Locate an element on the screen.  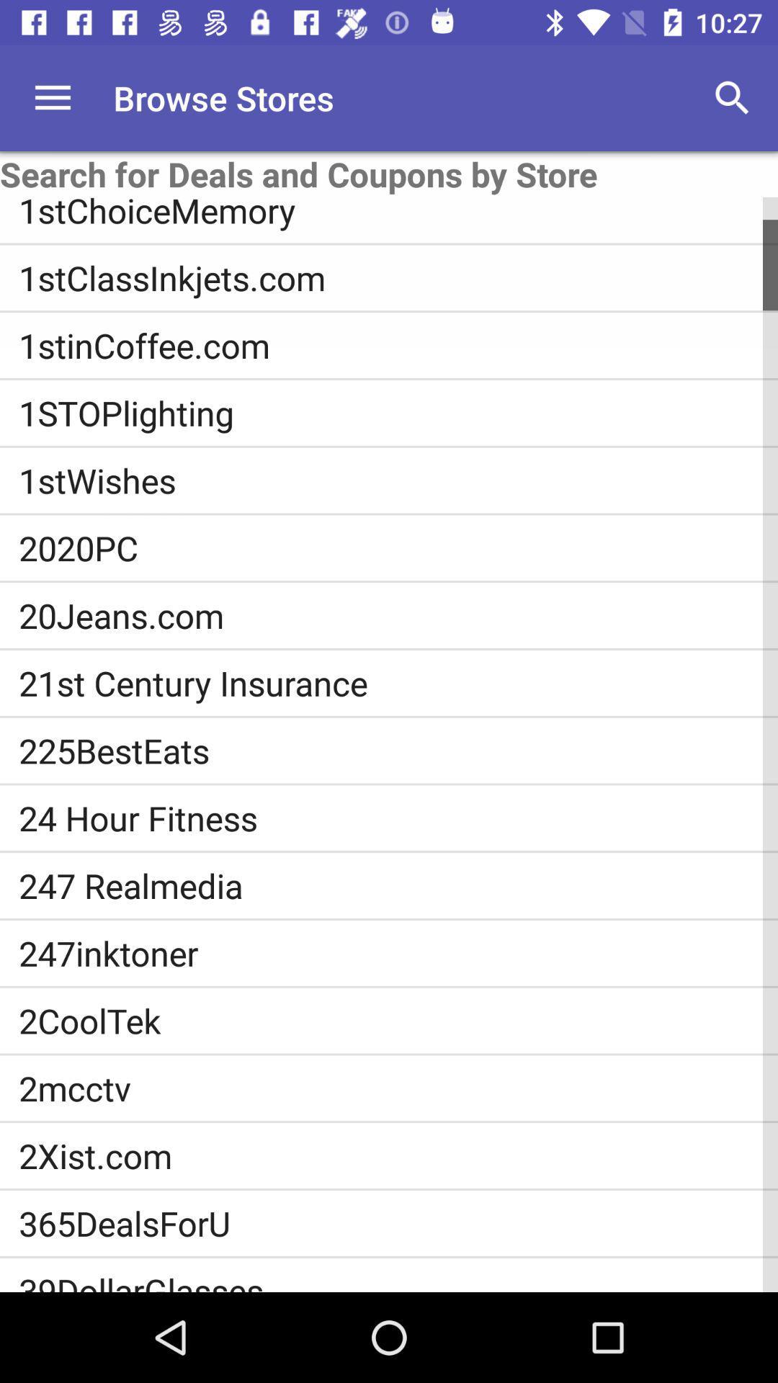
options menu is located at coordinates (52, 97).